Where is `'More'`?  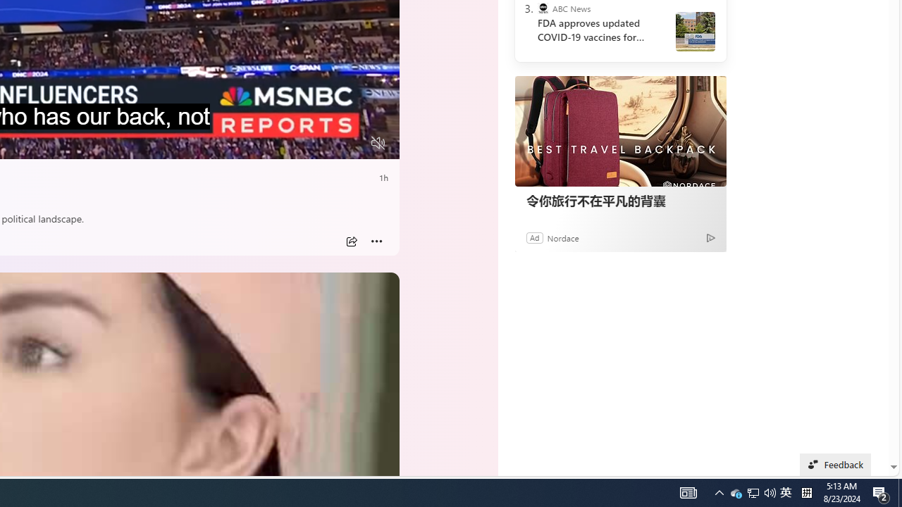 'More' is located at coordinates (376, 241).